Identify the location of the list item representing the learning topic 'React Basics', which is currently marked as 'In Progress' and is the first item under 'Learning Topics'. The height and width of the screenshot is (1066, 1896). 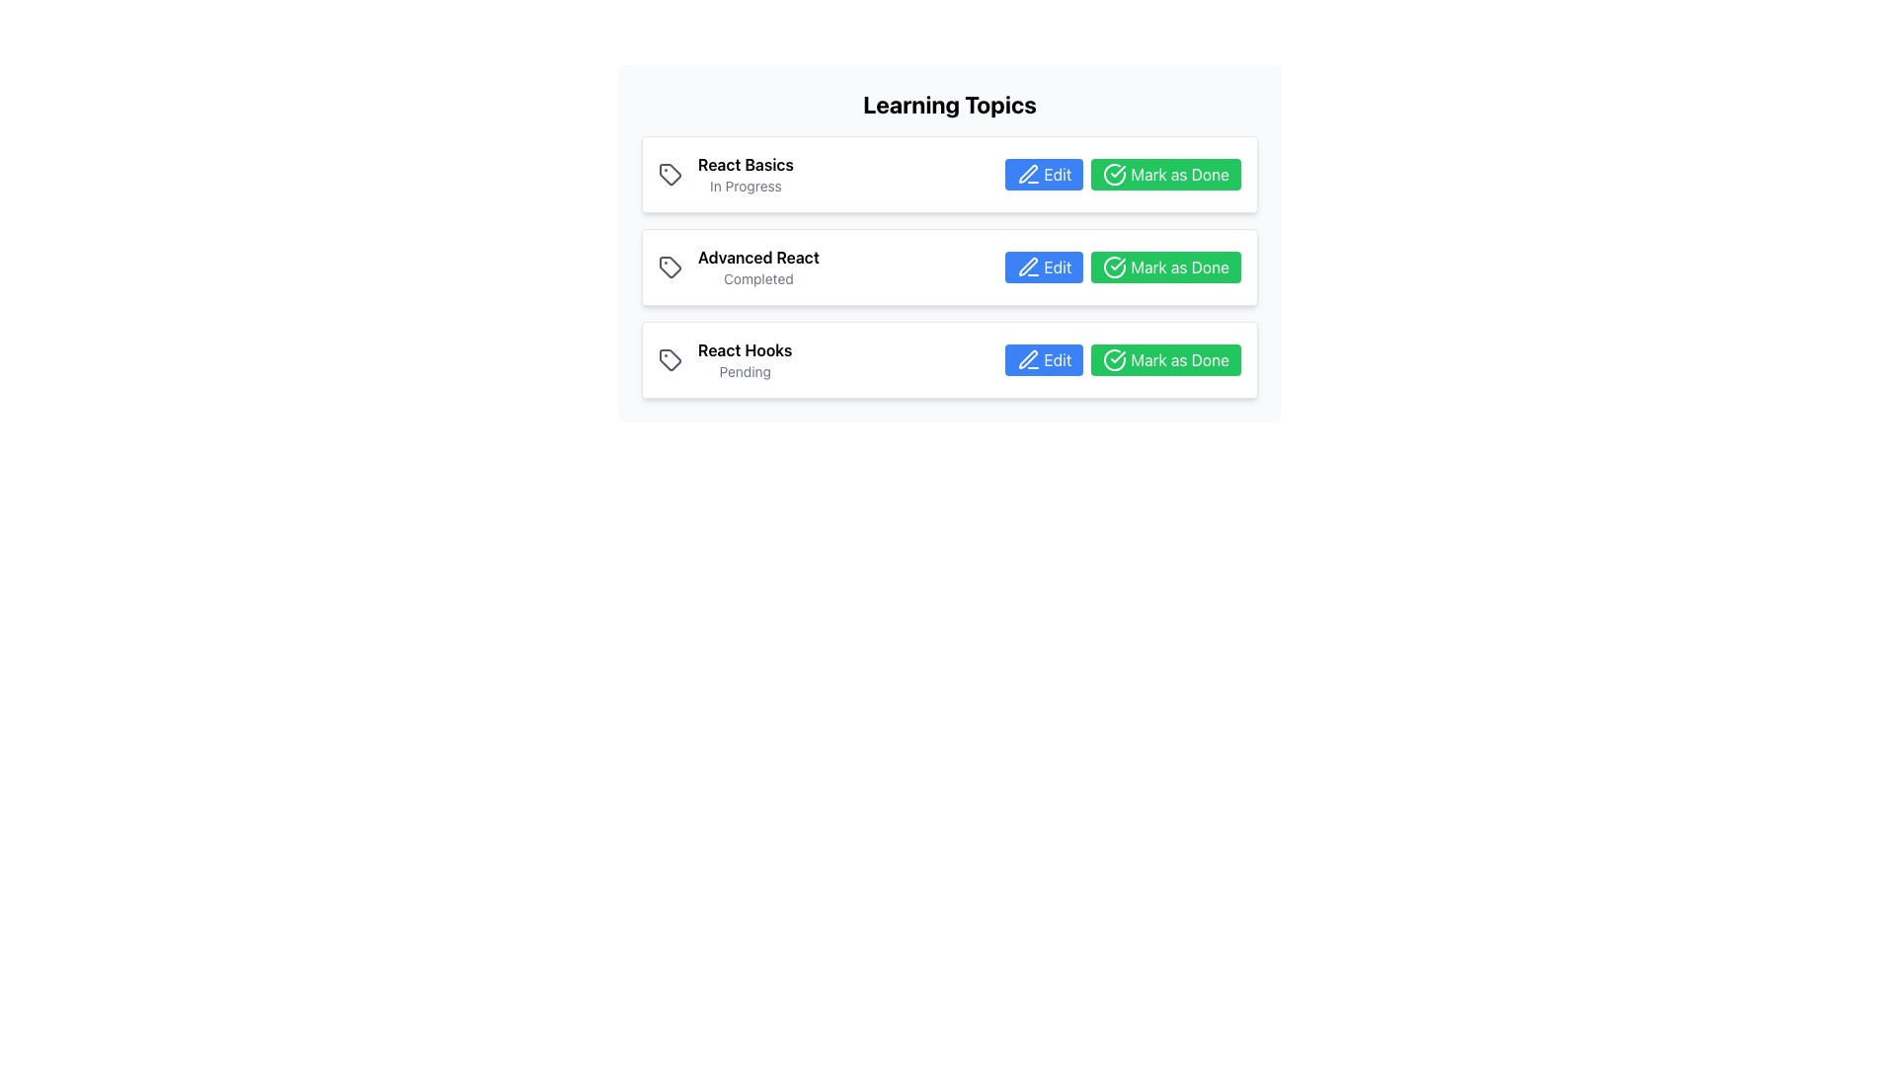
(725, 174).